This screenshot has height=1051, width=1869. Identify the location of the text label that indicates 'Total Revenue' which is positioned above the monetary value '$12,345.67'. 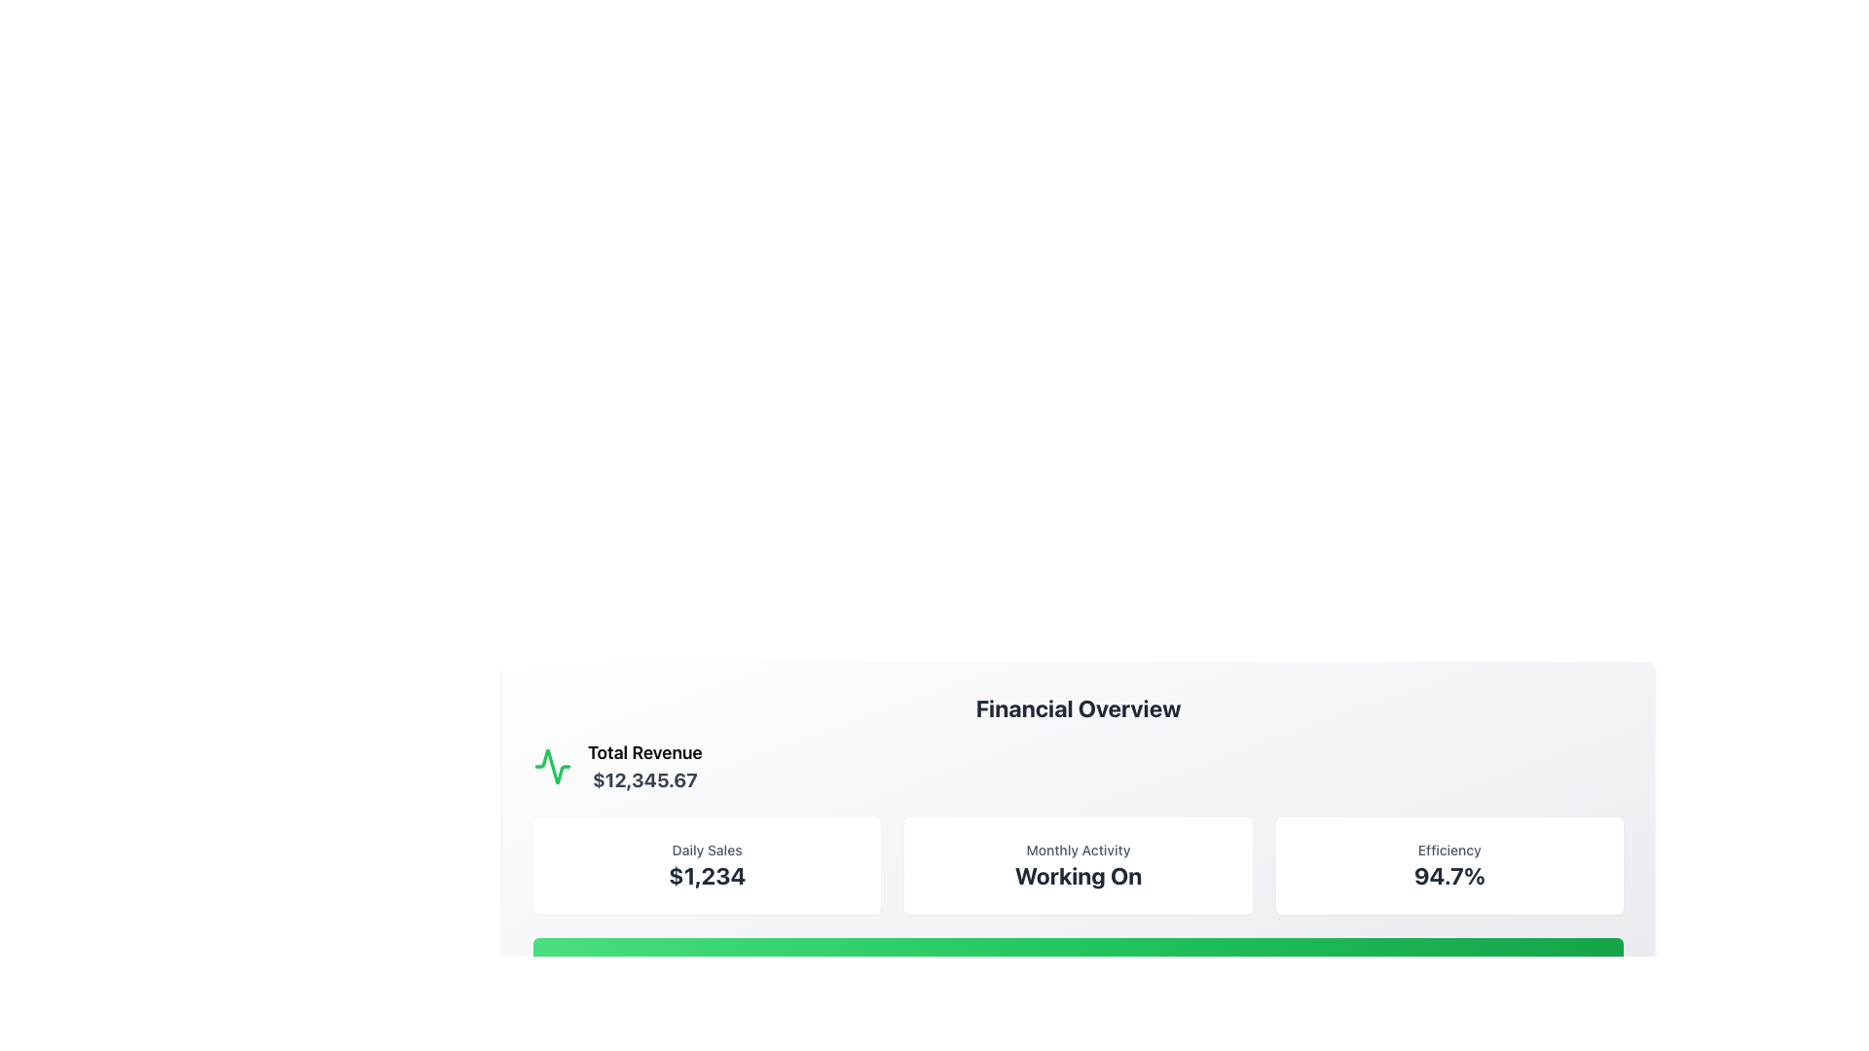
(644, 752).